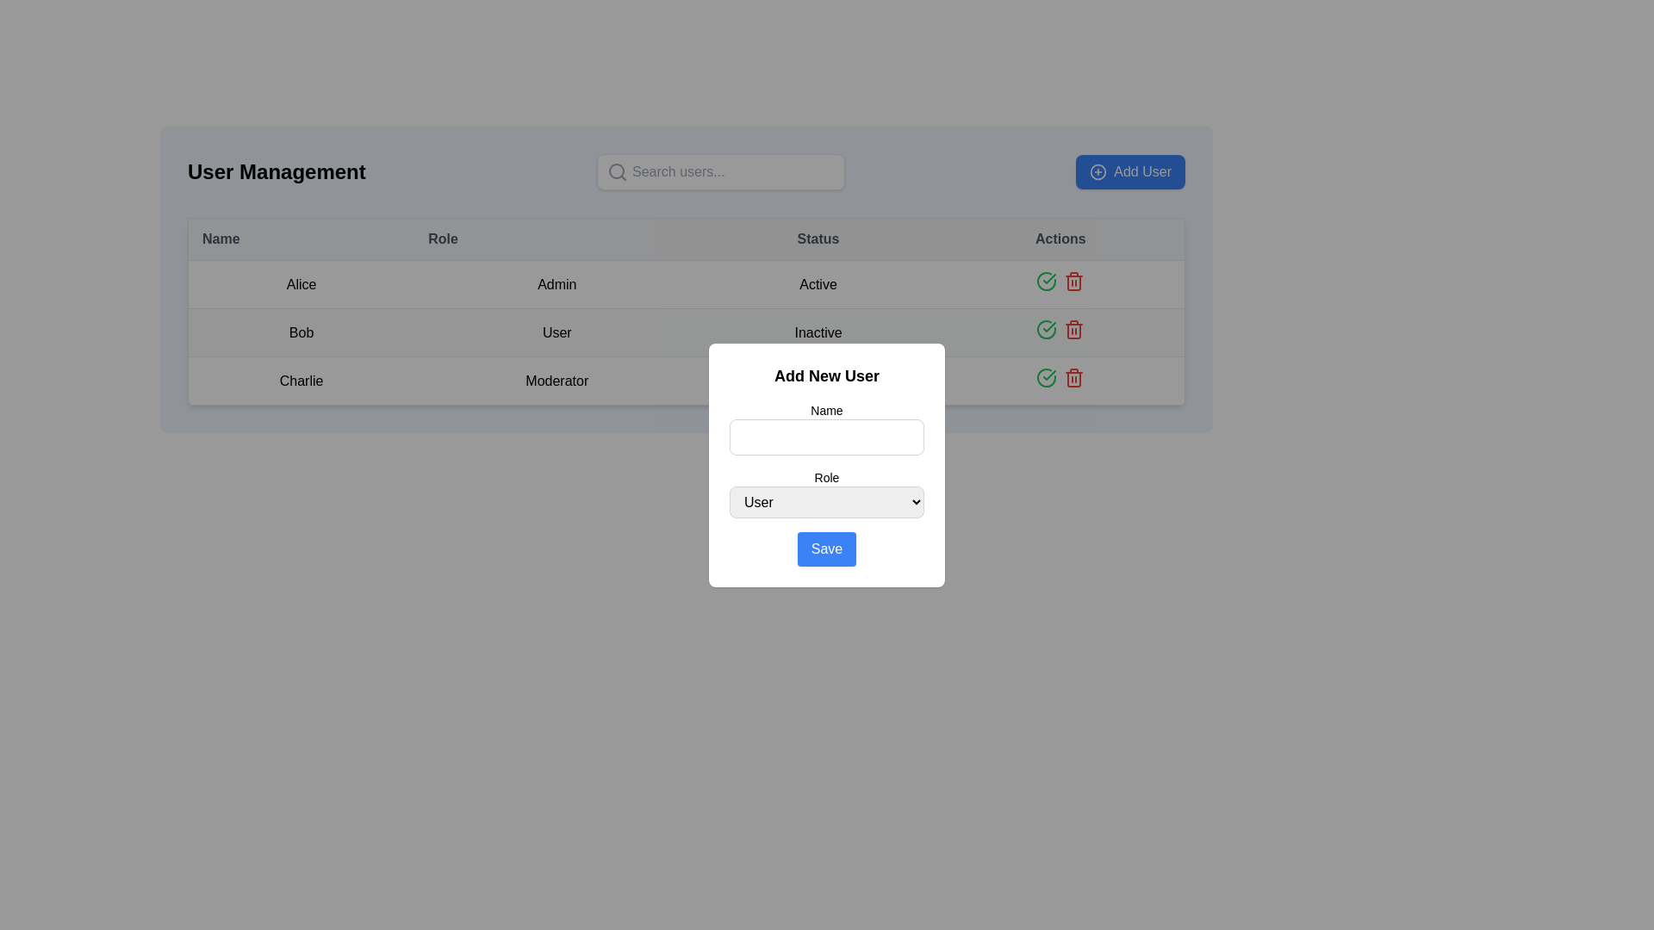 This screenshot has width=1654, height=930. Describe the element at coordinates (827, 427) in the screenshot. I see `the text input field for adding a new user's name in the modal dialog titled 'Add New User' using the Tab key` at that location.